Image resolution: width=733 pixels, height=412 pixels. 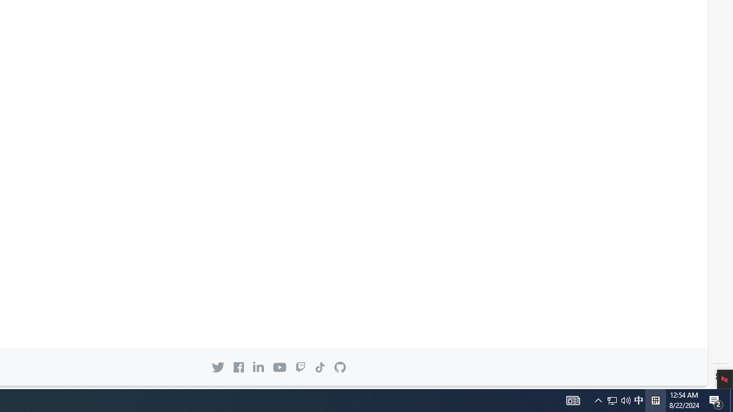 I want to click on 'GitHub mark Back to GitHub.com', so click(x=339, y=367).